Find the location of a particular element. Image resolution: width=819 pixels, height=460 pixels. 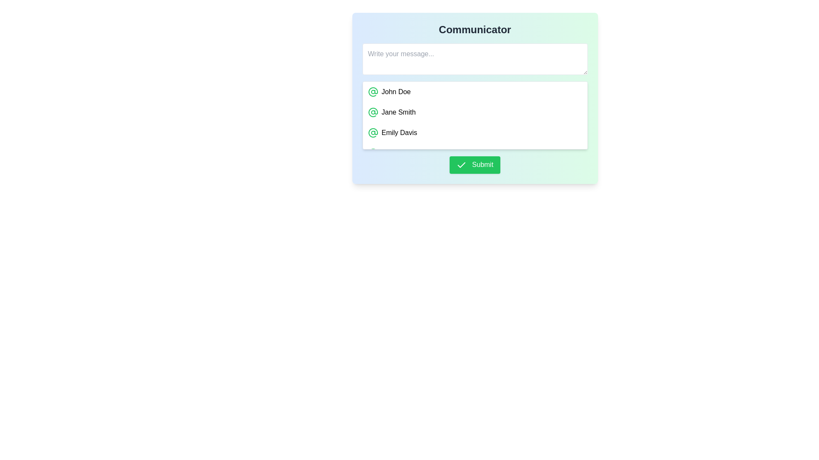

the user icon associated with 'Jane Smith' located in the second item of the vertically stacked list is located at coordinates (373, 112).